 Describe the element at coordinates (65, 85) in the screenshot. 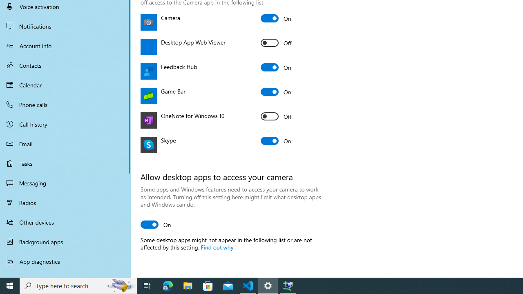

I see `'Calendar'` at that location.